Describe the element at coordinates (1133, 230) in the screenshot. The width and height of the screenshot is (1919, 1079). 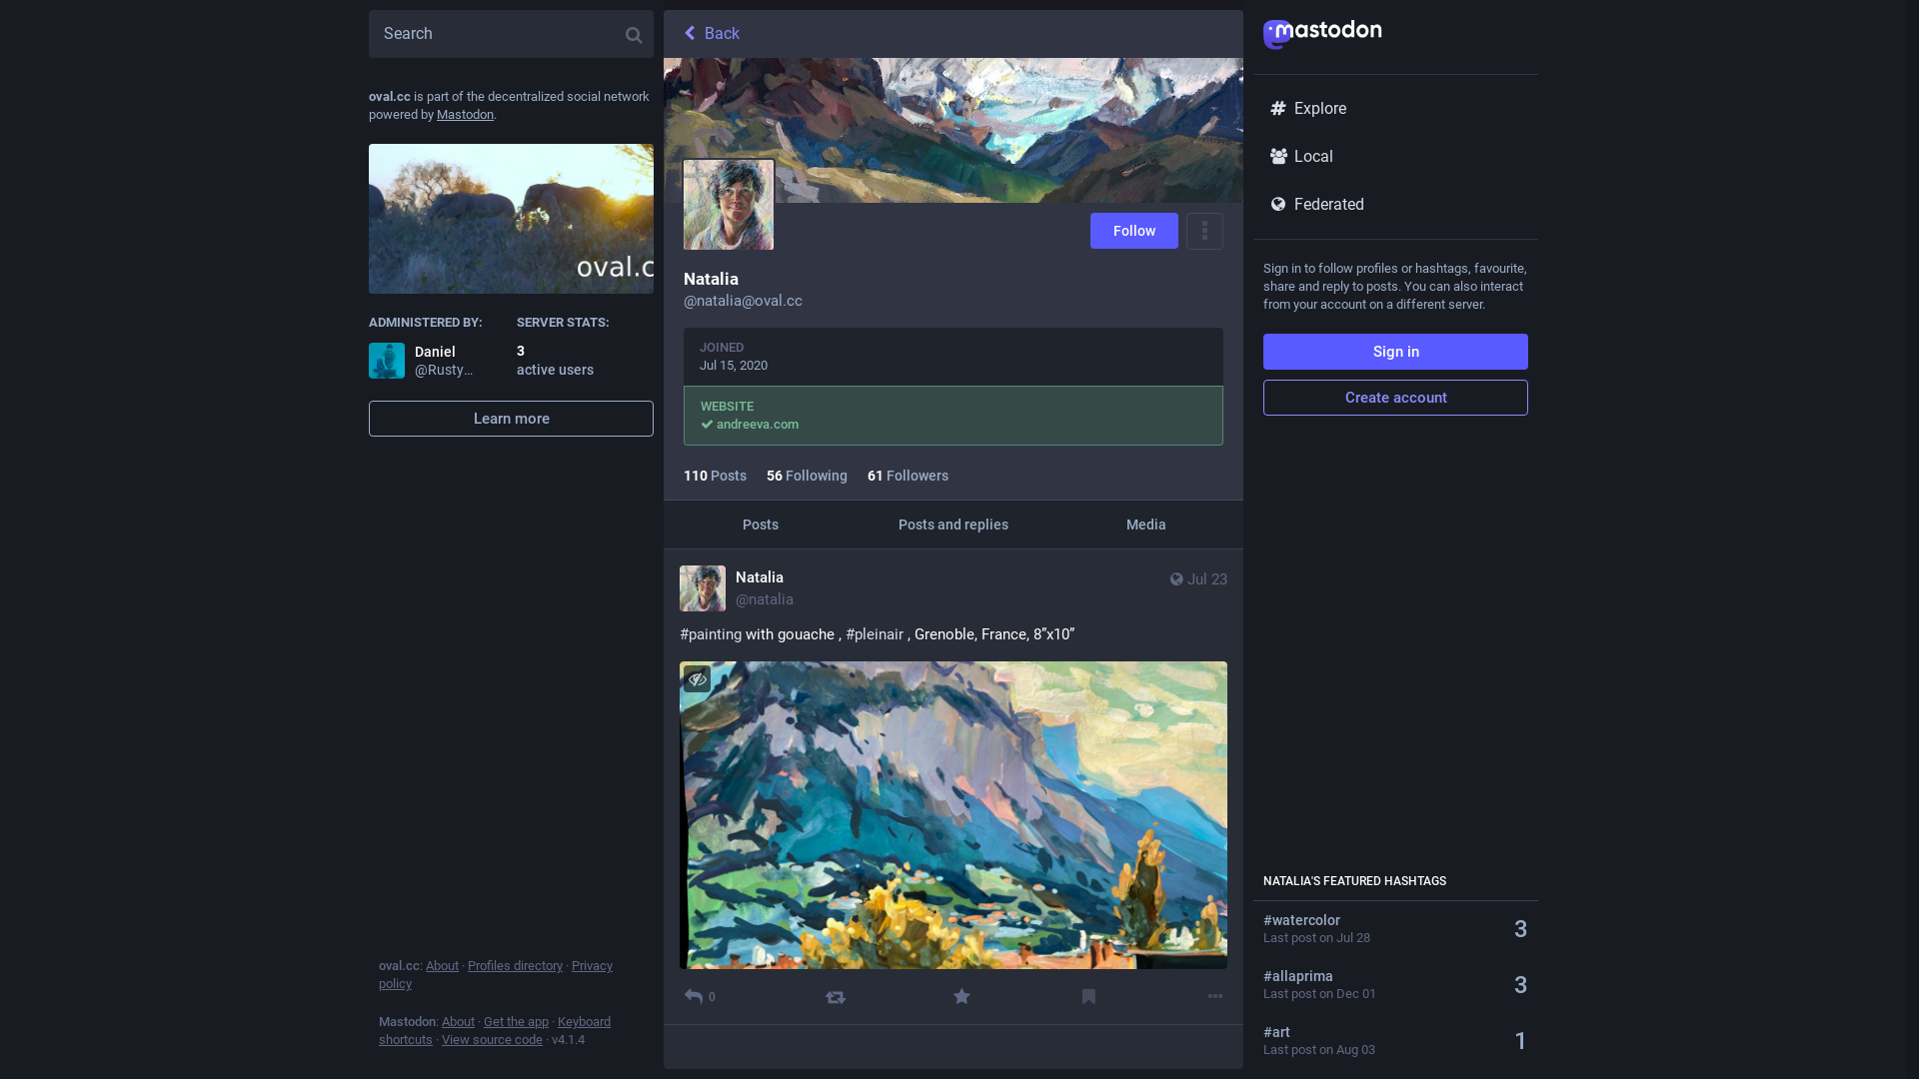
I see `'Follow'` at that location.